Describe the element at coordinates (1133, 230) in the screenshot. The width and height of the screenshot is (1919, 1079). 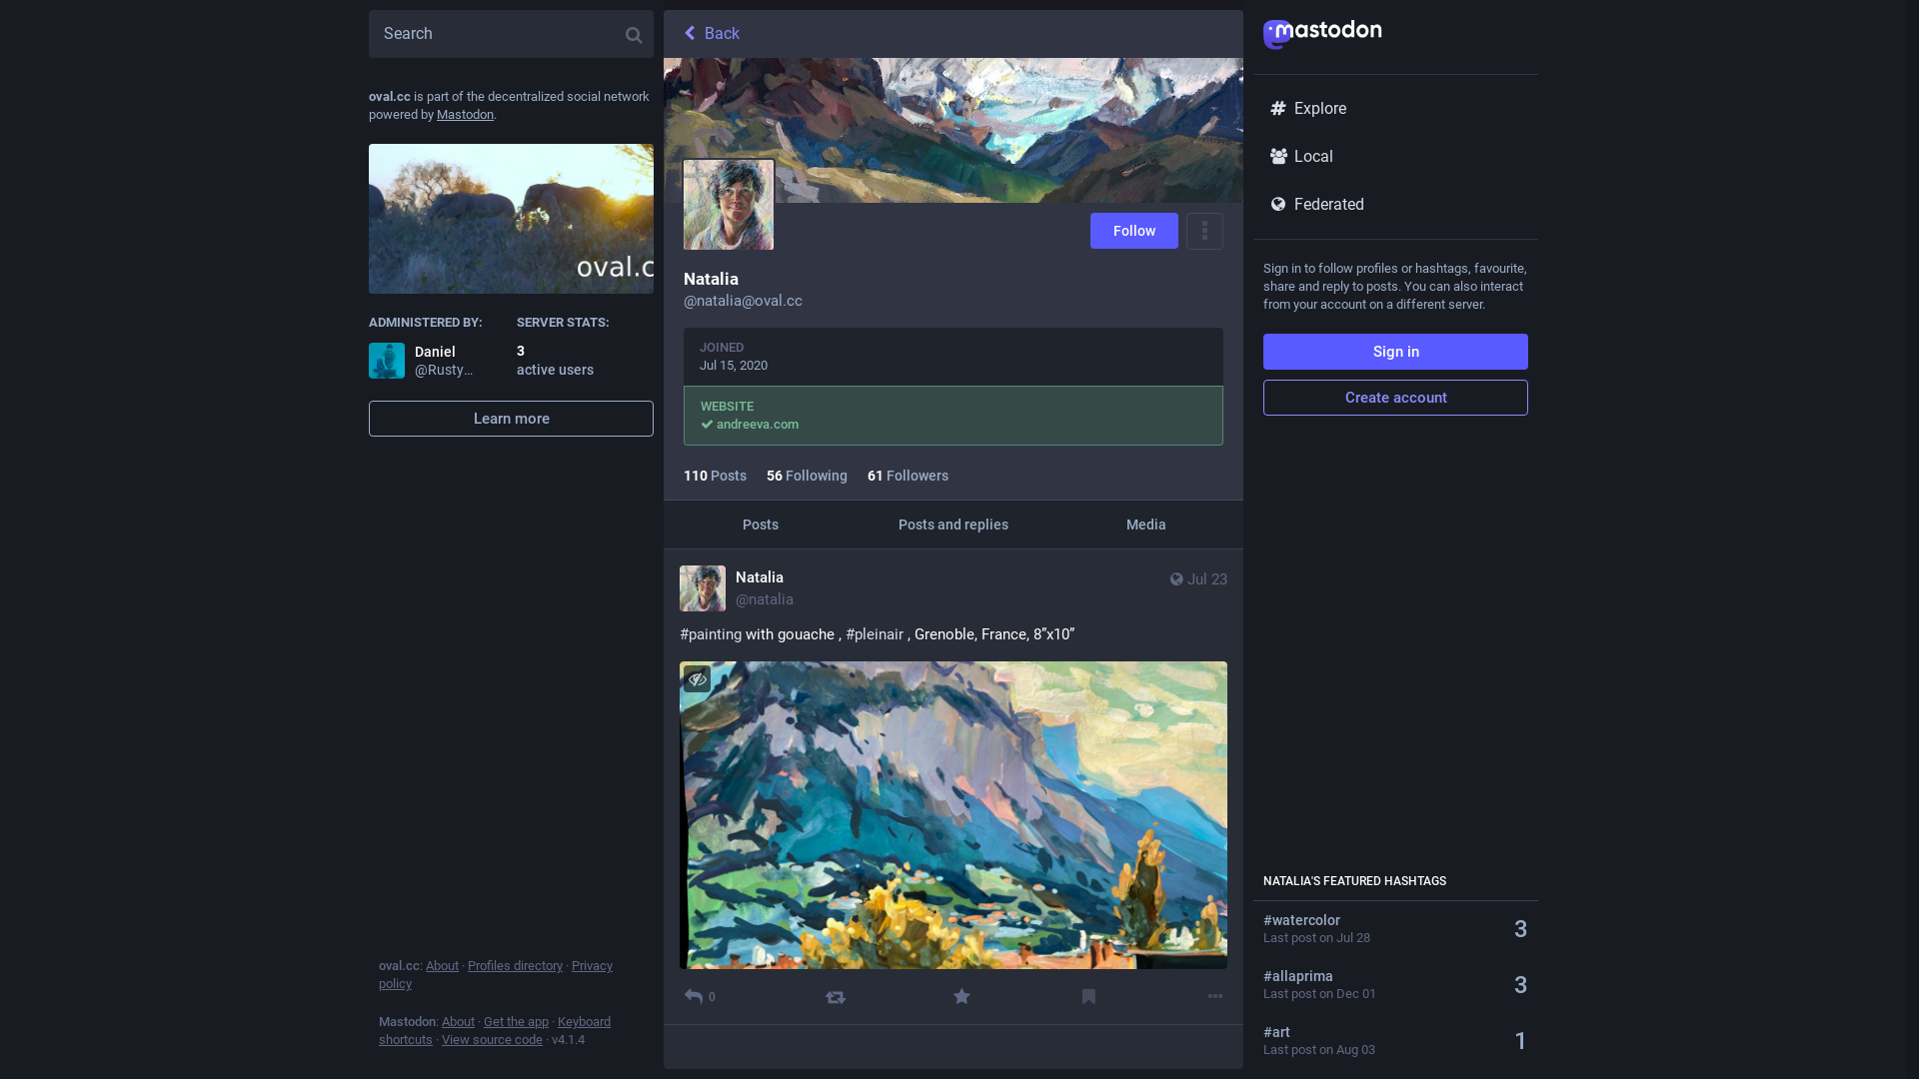
I see `'Follow'` at that location.